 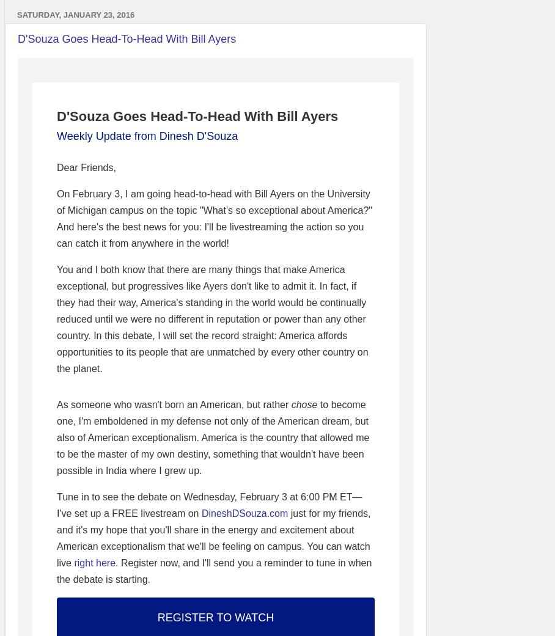 I want to click on 'Saturday, January 23, 2016', so click(x=16, y=13).